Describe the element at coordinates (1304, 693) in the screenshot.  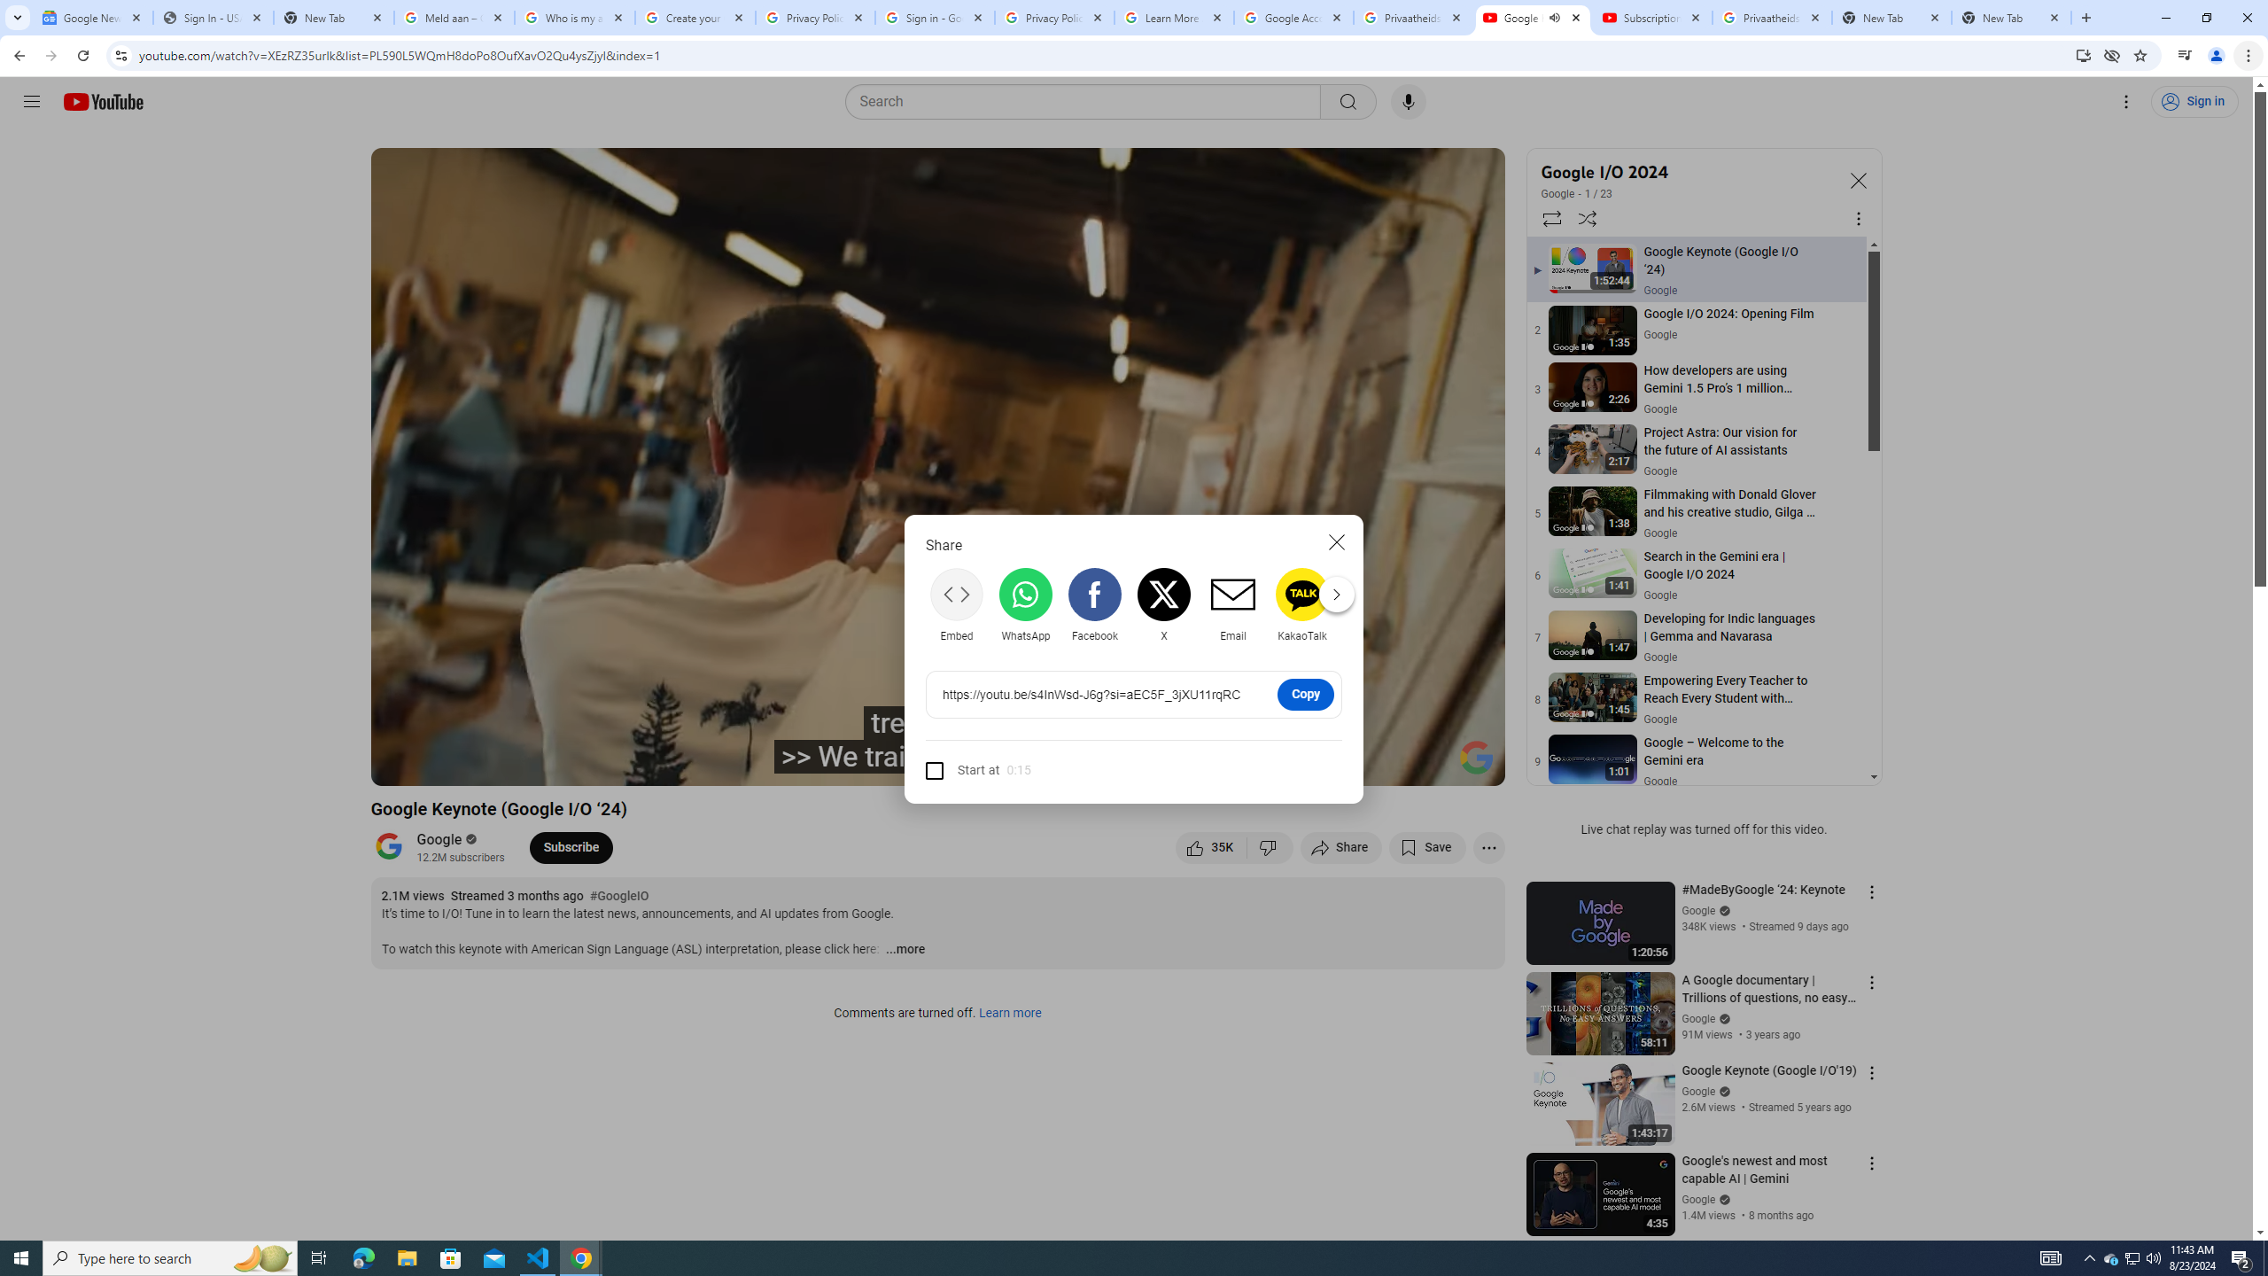
I see `'Copy'` at that location.